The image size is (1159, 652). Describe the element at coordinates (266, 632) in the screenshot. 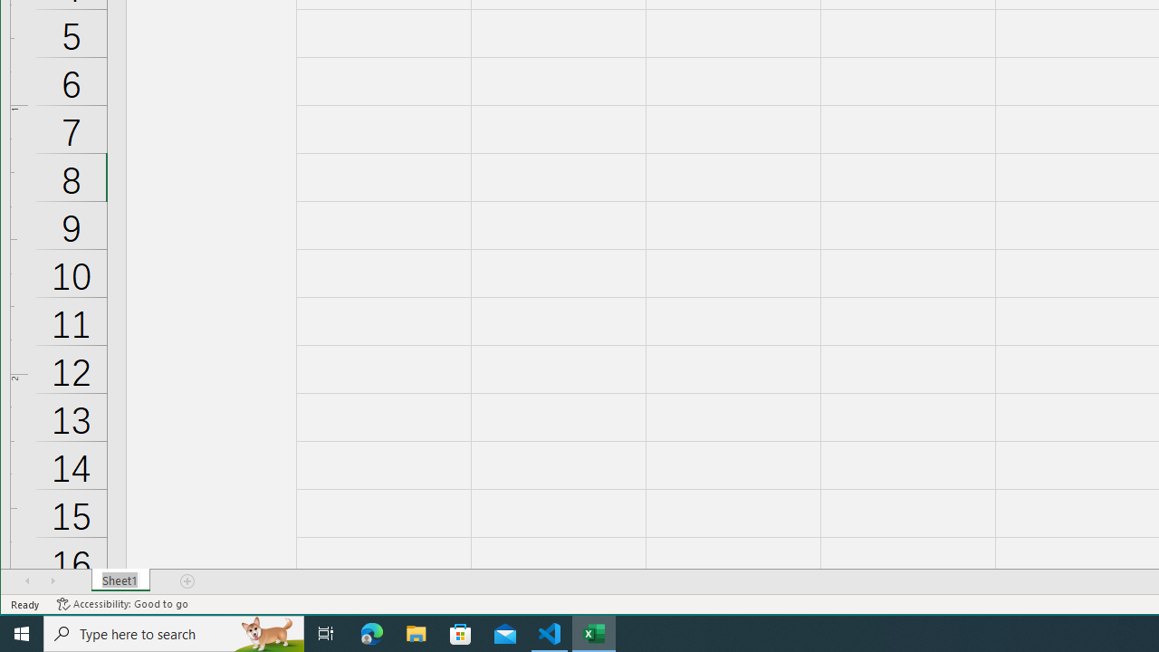

I see `'Search highlights icon opens search home window'` at that location.